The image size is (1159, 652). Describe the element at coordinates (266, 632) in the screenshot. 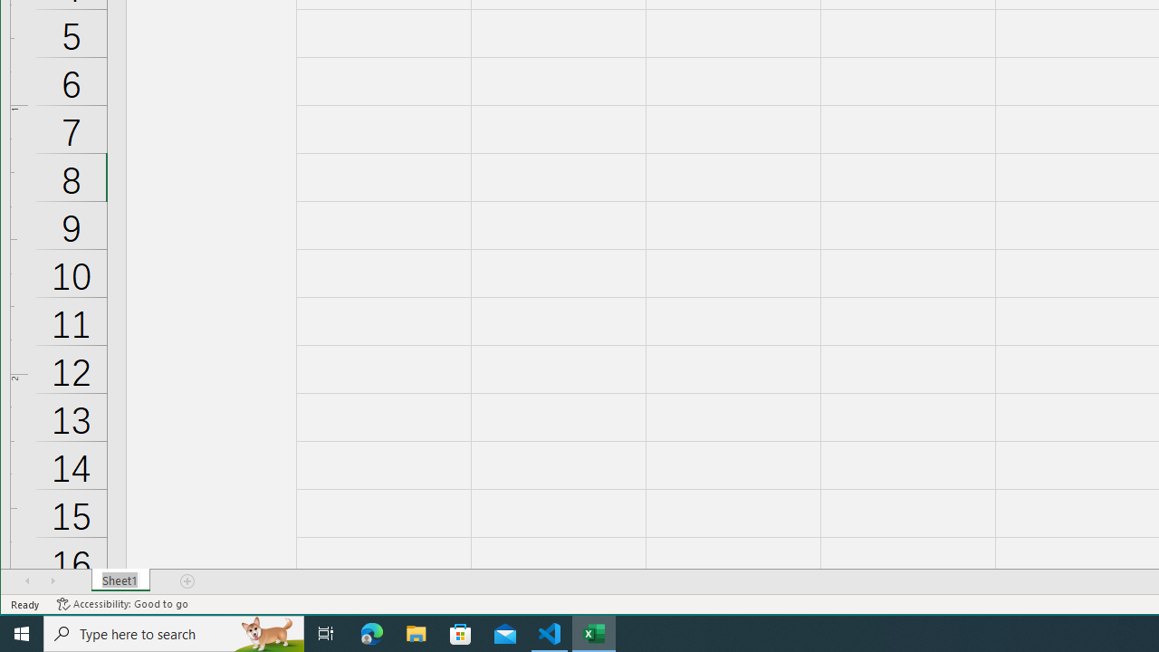

I see `'Search highlights icon opens search home window'` at that location.